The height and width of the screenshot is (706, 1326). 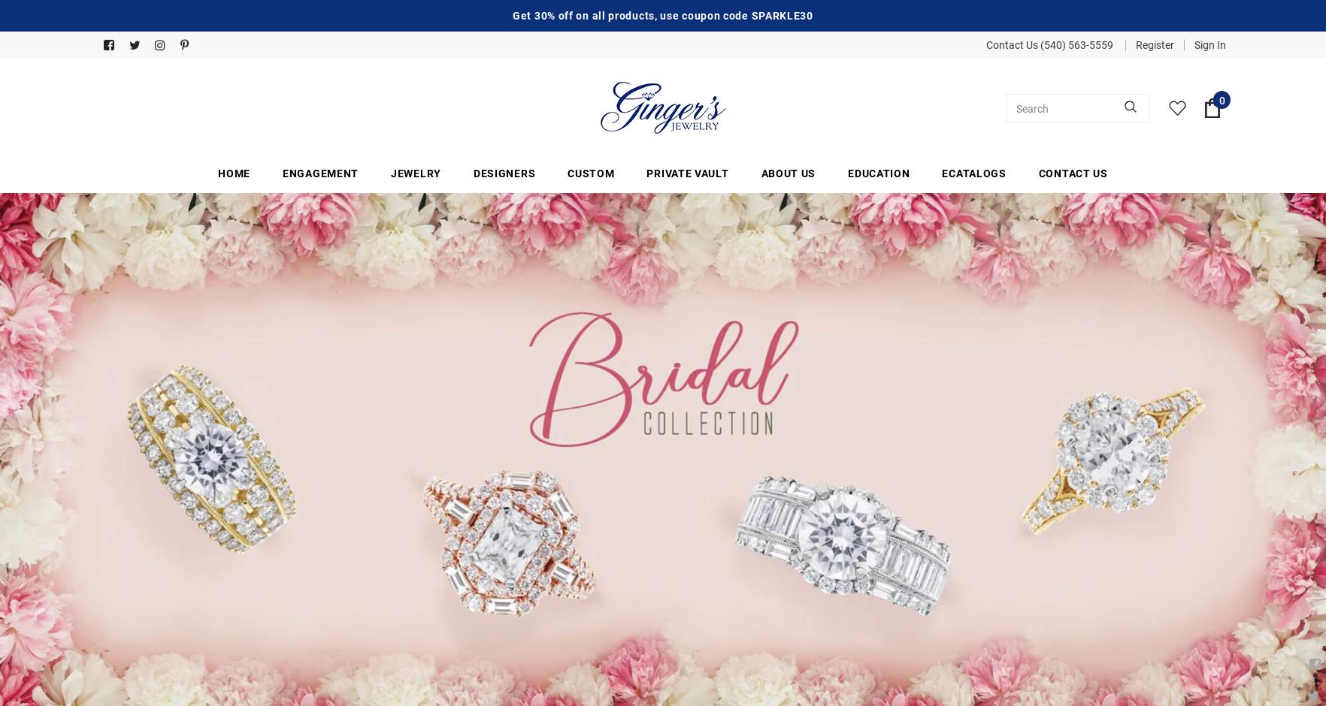 I want to click on 'Sign In', so click(x=1209, y=44).